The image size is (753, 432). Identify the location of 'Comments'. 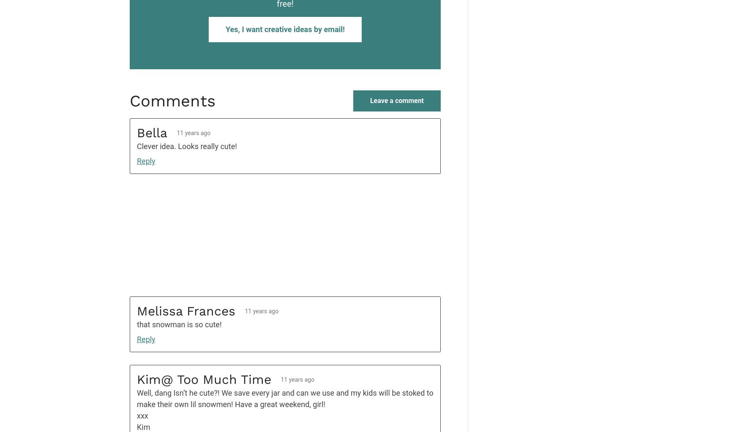
(172, 100).